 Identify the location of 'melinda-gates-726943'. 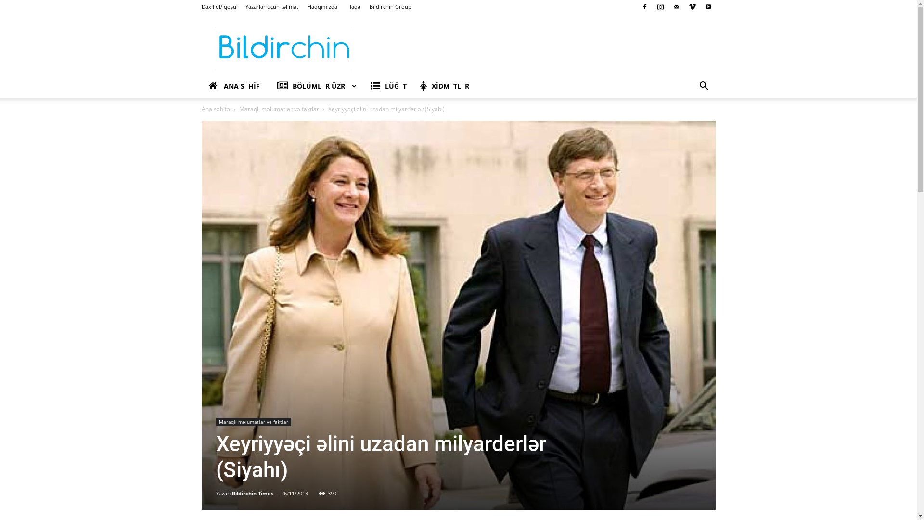
(200, 315).